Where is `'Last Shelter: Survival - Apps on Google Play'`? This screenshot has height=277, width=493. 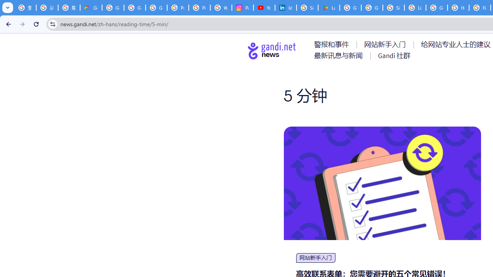
'Last Shelter: Survival - Apps on Google Play' is located at coordinates (329, 8).